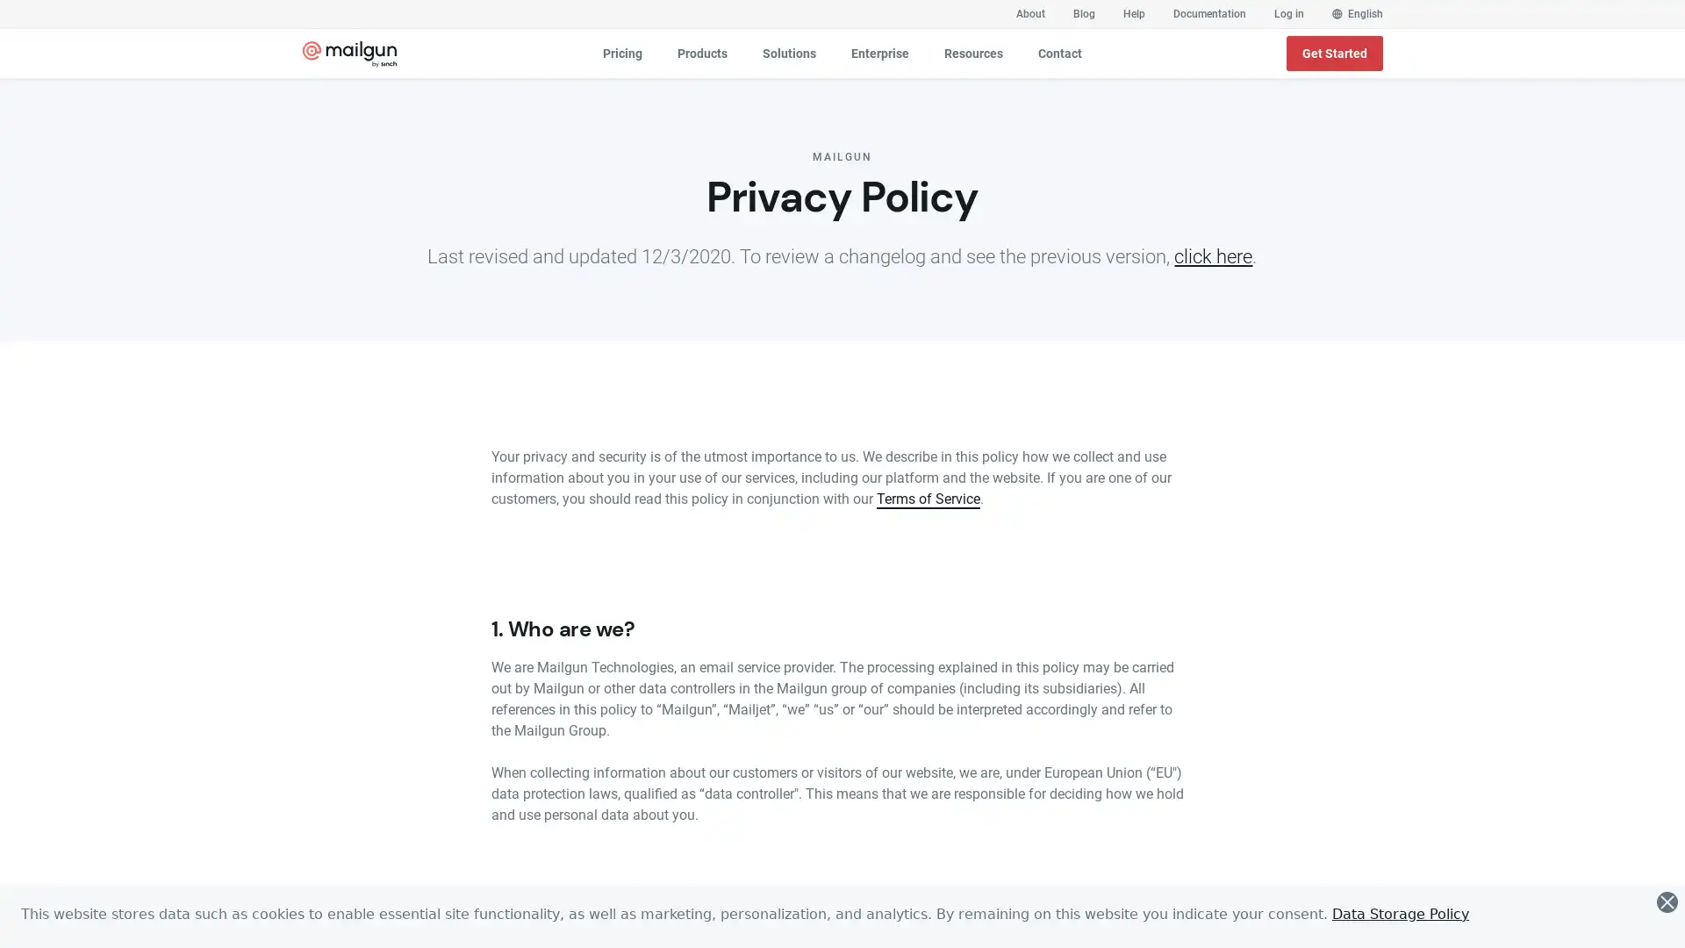 Image resolution: width=1685 pixels, height=948 pixels. I want to click on Enterprise, so click(879, 53).